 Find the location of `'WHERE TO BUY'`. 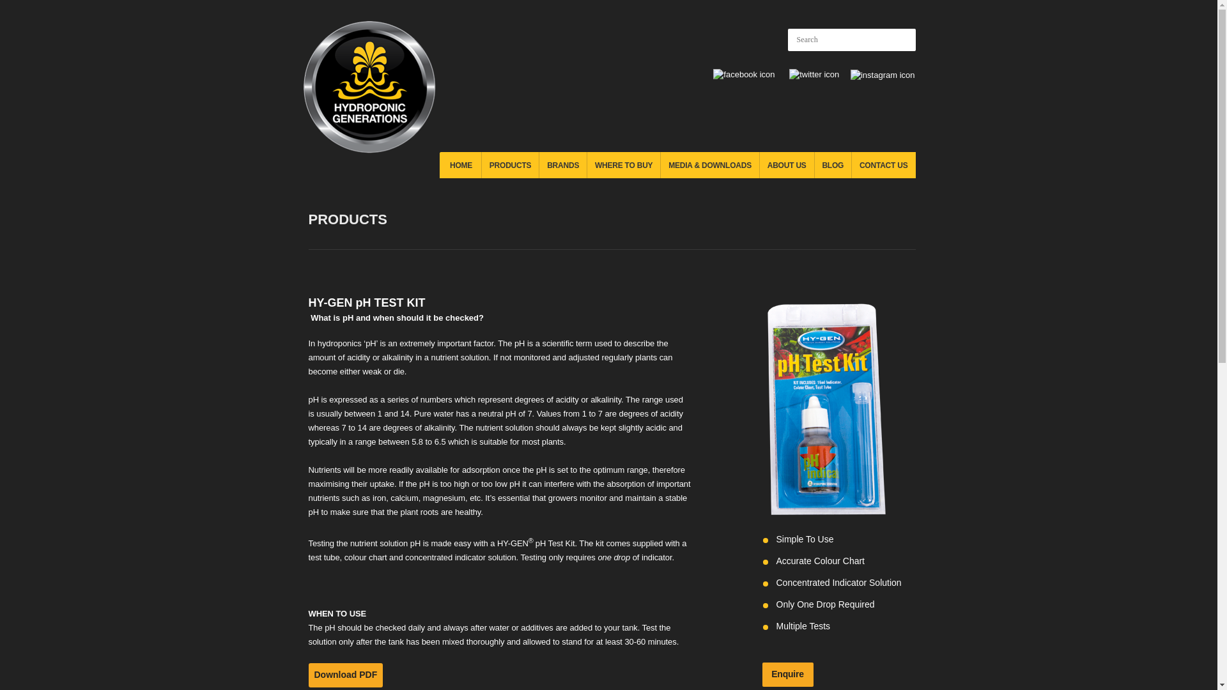

'WHERE TO BUY' is located at coordinates (623, 164).